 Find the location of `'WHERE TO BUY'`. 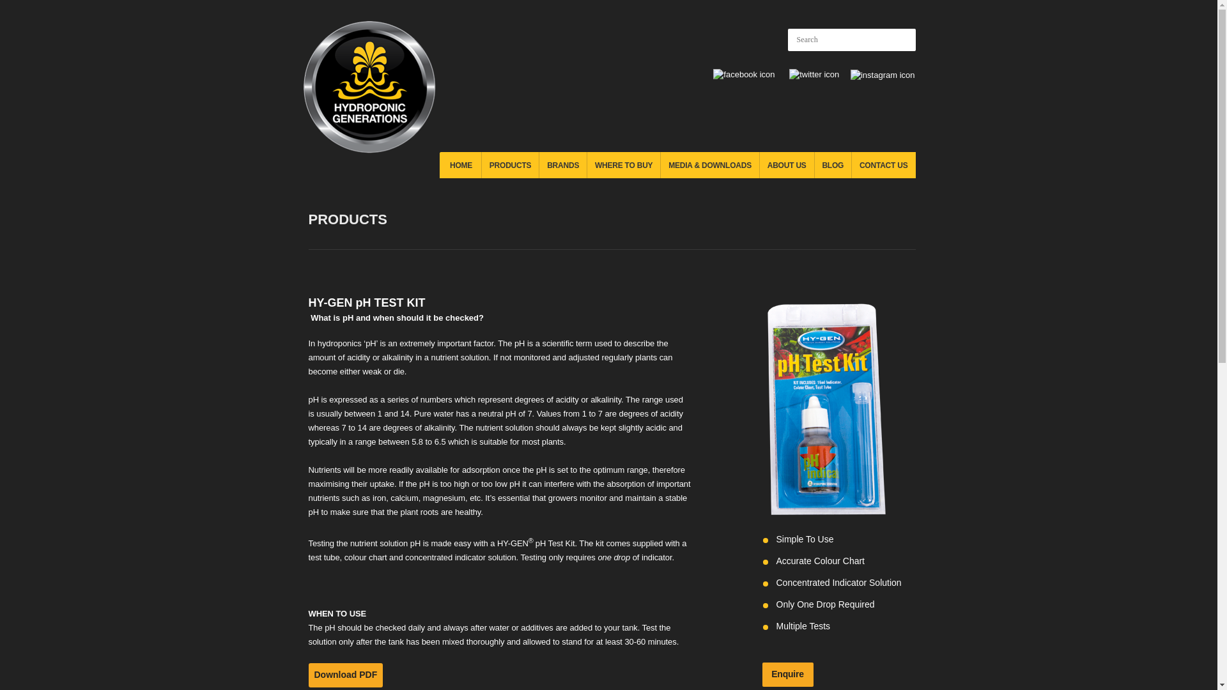

'WHERE TO BUY' is located at coordinates (623, 164).